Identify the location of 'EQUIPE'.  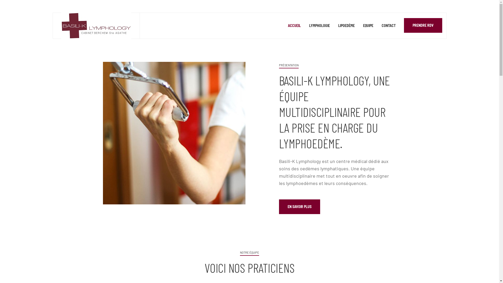
(368, 25).